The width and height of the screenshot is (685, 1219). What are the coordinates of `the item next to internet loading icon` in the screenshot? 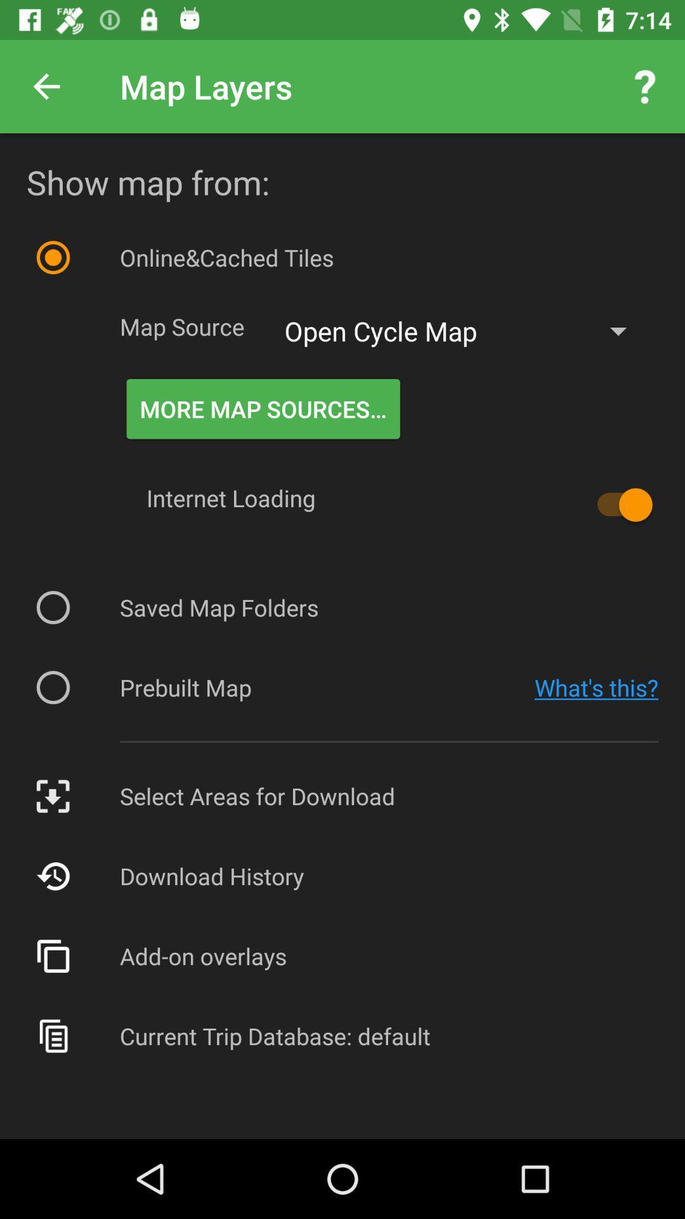 It's located at (618, 504).